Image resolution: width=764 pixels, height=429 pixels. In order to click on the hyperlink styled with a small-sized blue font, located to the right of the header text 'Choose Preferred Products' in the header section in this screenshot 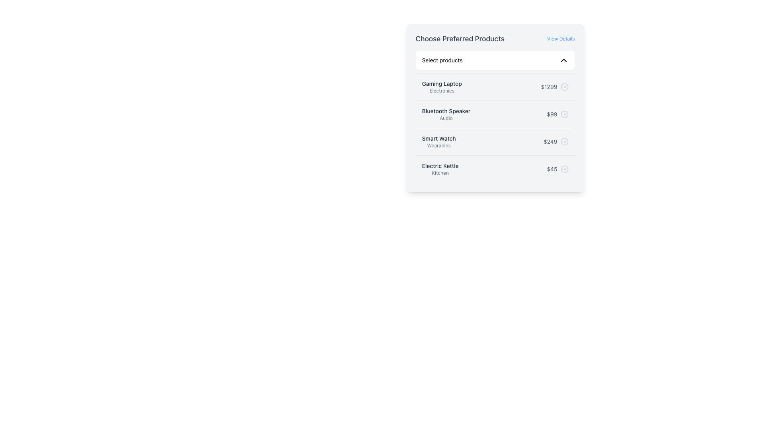, I will do `click(560, 39)`.